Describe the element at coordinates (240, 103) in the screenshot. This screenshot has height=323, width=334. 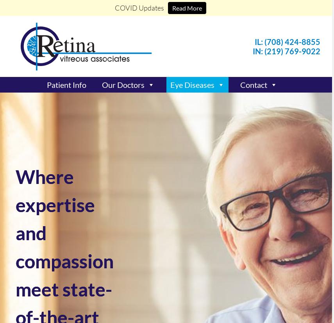
I see `'Leave a Review'` at that location.